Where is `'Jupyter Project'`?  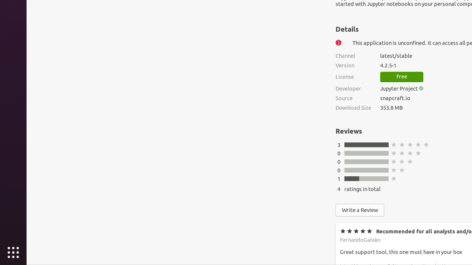
'Jupyter Project' is located at coordinates (398, 88).